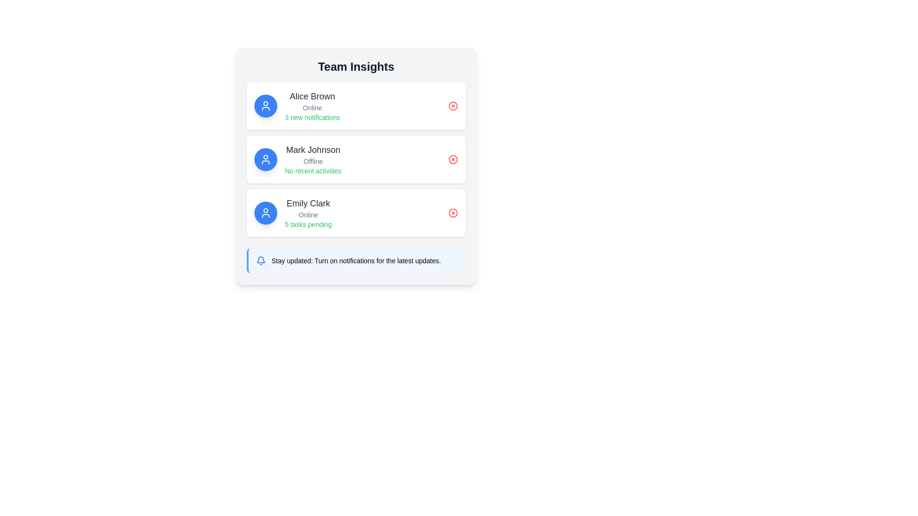  What do you see at coordinates (308, 215) in the screenshot?
I see `the text label indicating the online status of 'Emily Clark'` at bounding box center [308, 215].